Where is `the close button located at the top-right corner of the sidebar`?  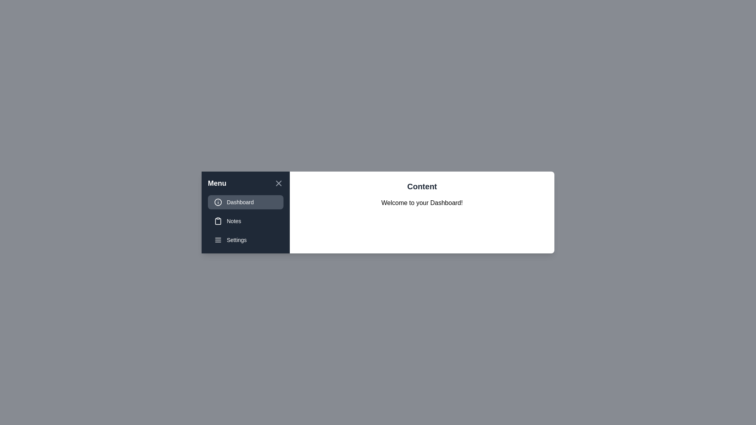 the close button located at the top-right corner of the sidebar is located at coordinates (279, 183).